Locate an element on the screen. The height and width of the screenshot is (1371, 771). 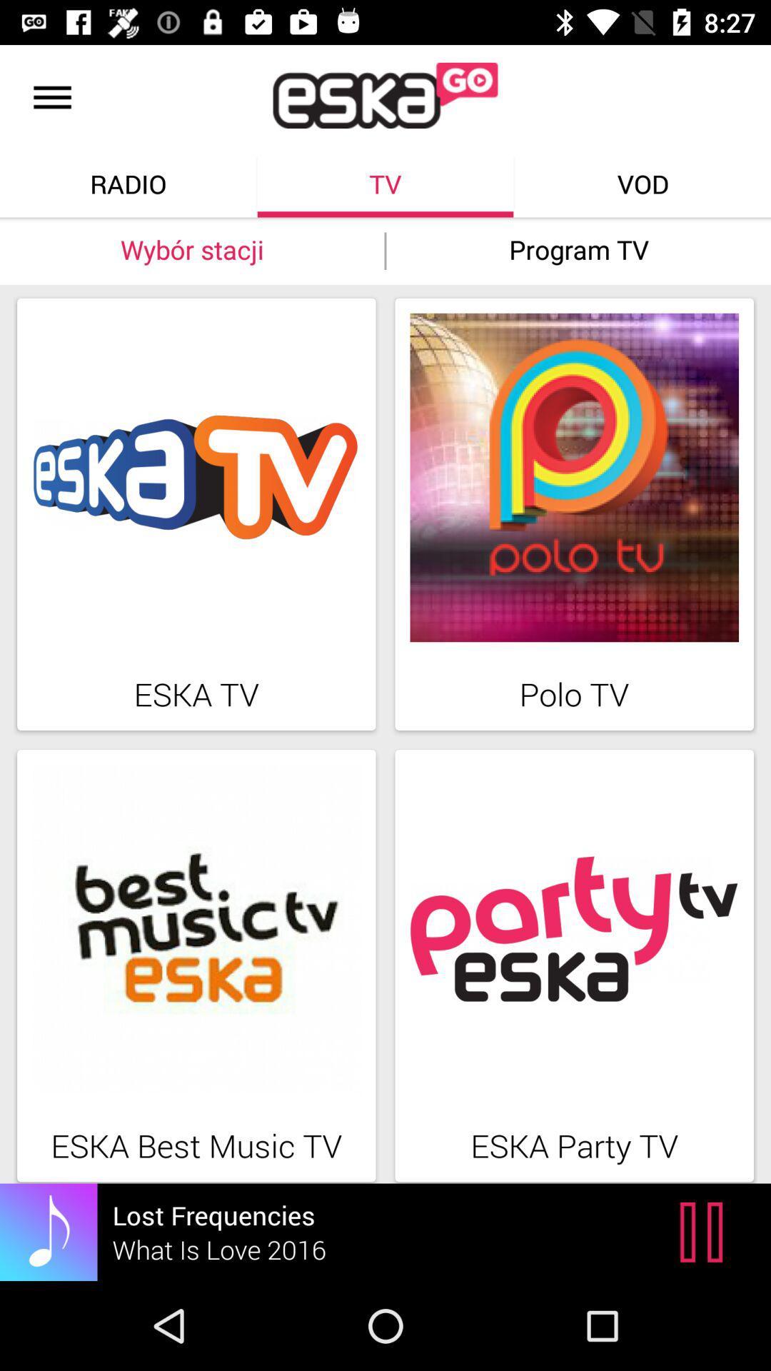
the button next to tv is located at coordinates (643, 183).